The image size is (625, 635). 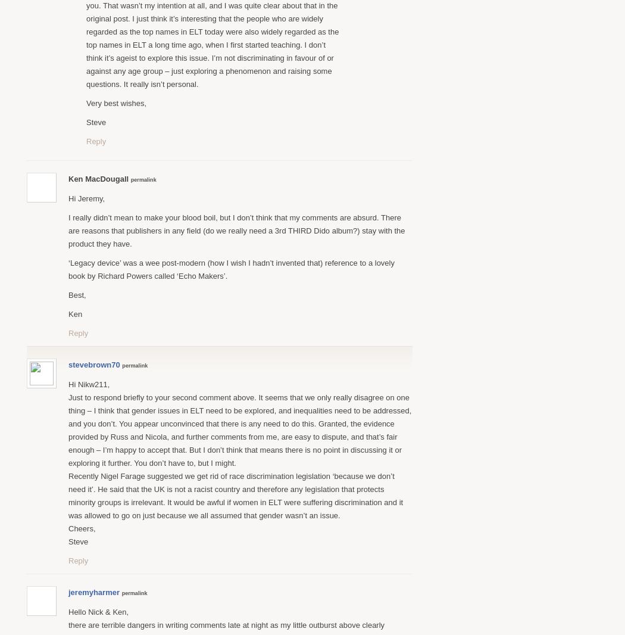 I want to click on 'Best,', so click(x=76, y=294).